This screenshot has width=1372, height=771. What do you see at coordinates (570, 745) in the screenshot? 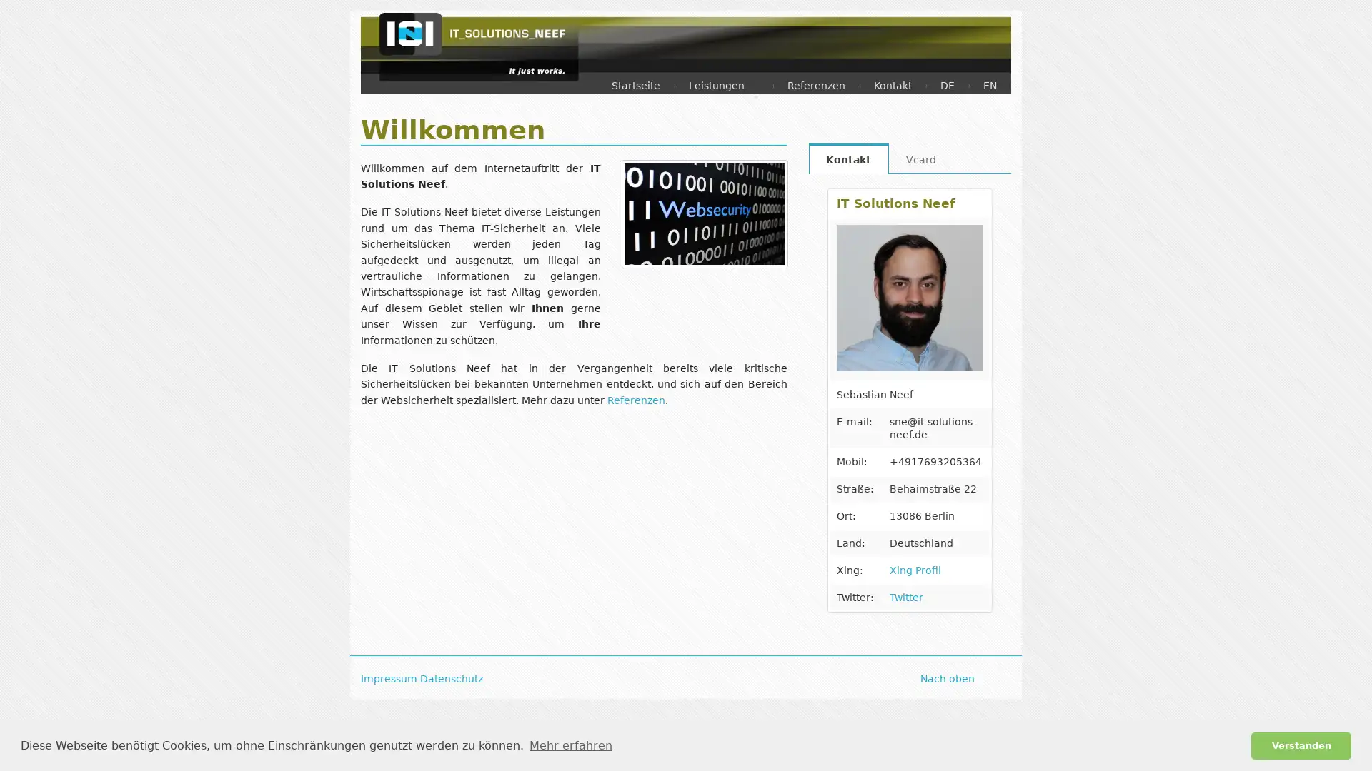
I see `learn more about cookies` at bounding box center [570, 745].